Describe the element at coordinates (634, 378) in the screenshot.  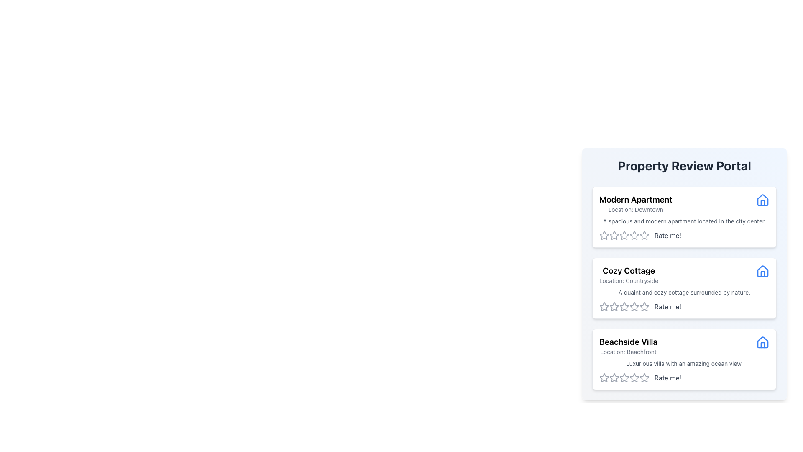
I see `the unselected fifth star-shaped icon with a gray outline` at that location.